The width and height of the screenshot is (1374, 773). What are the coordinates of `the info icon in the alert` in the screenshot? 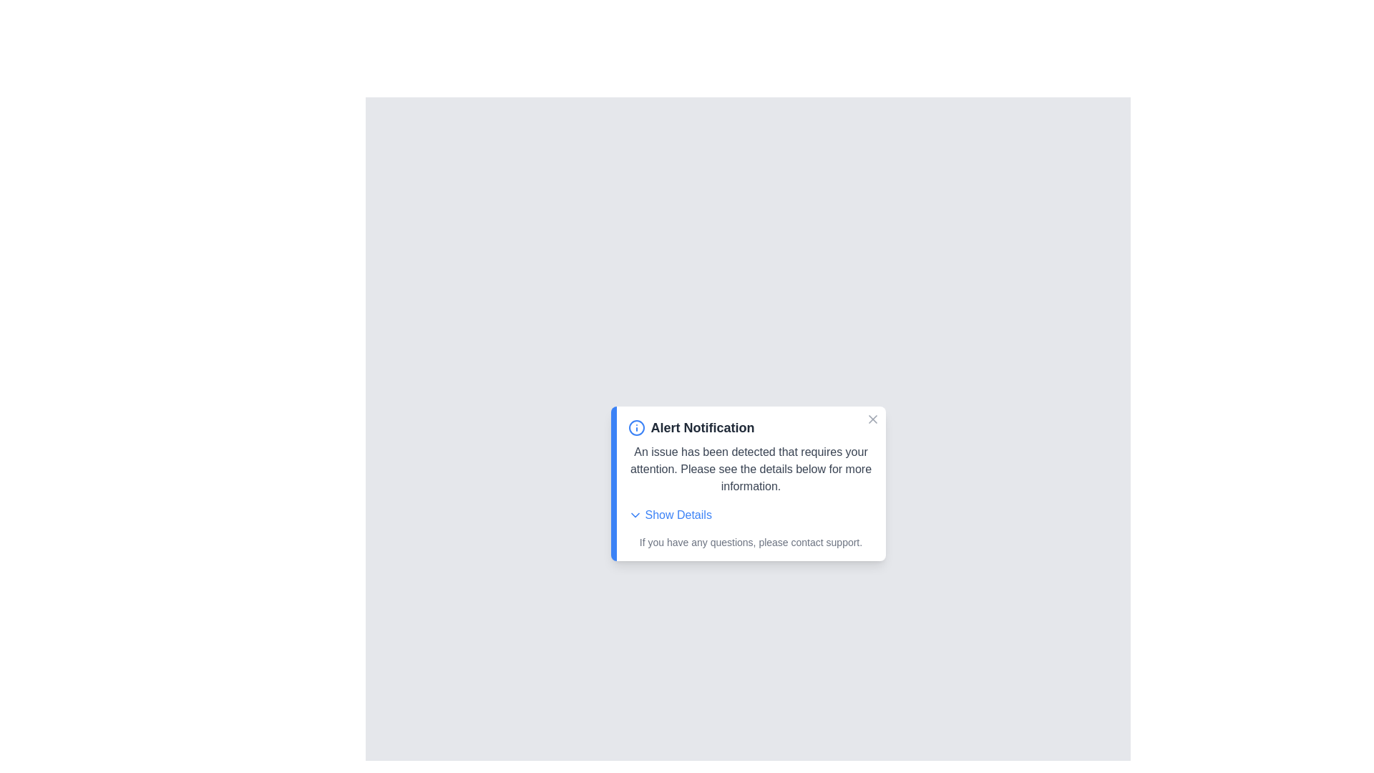 It's located at (635, 427).